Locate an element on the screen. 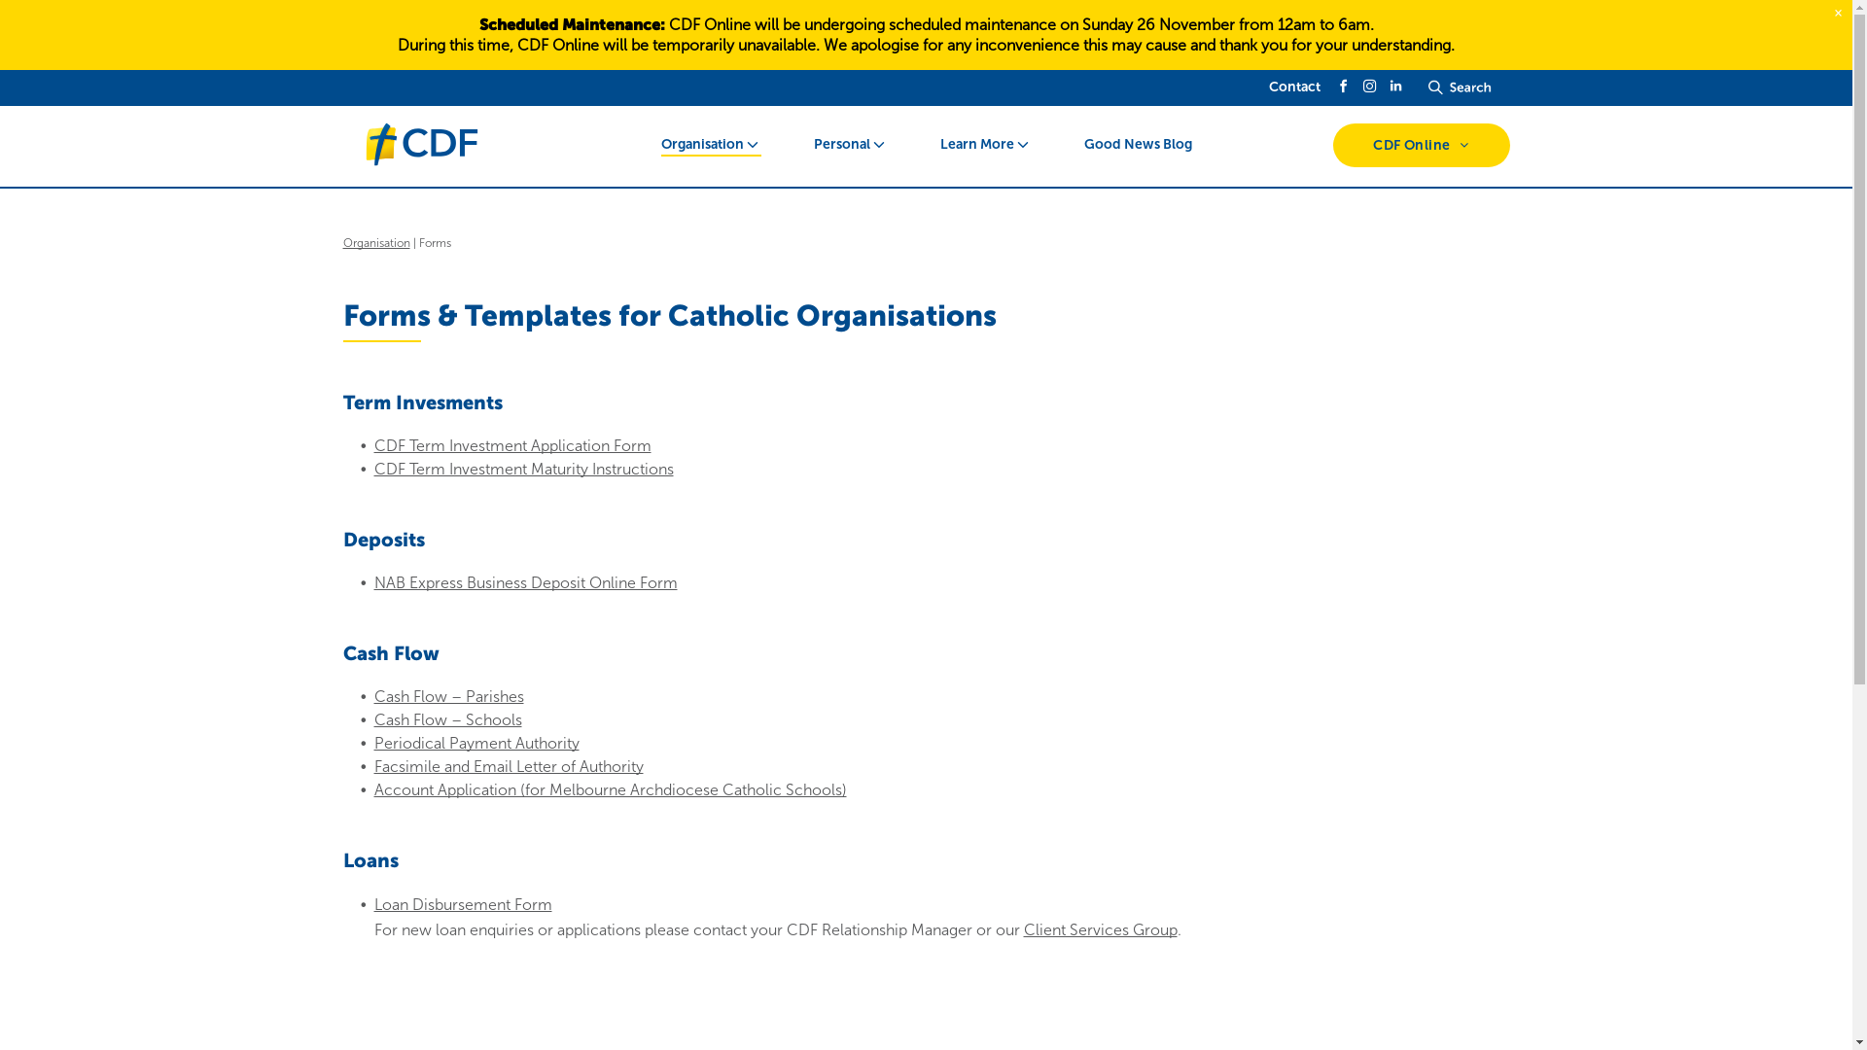 The width and height of the screenshot is (1867, 1050). 'Good News Blog' is located at coordinates (1138, 143).